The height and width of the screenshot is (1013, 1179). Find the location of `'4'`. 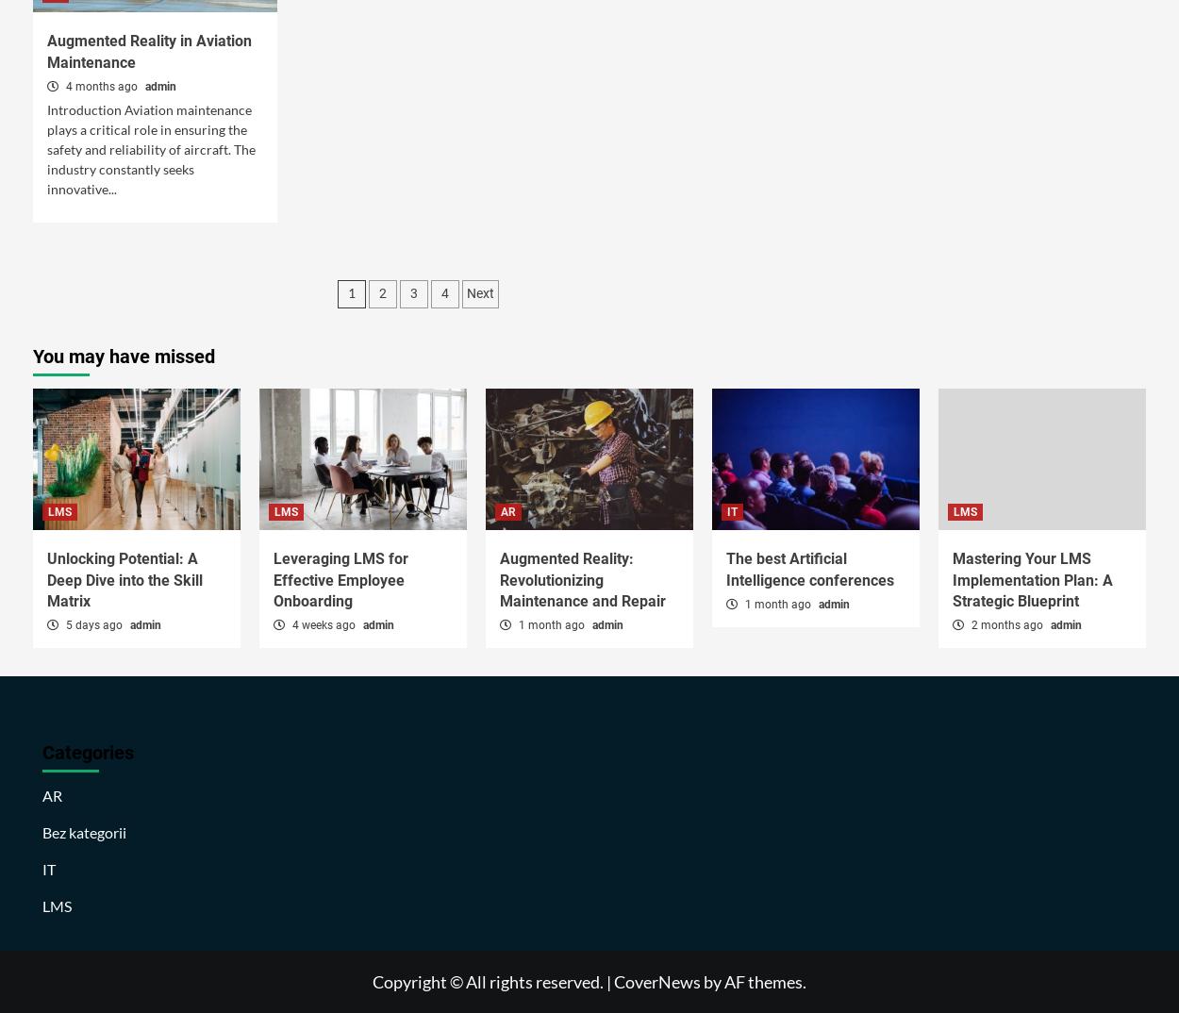

'4' is located at coordinates (443, 293).